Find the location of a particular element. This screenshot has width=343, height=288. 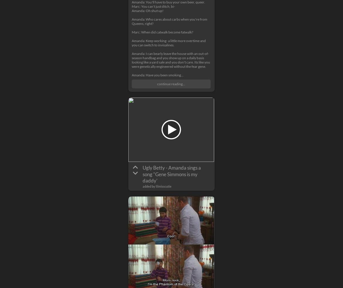

'Ugly Betty - Amanda sings a song "Gene Simmons is my daddy'' is located at coordinates (171, 174).